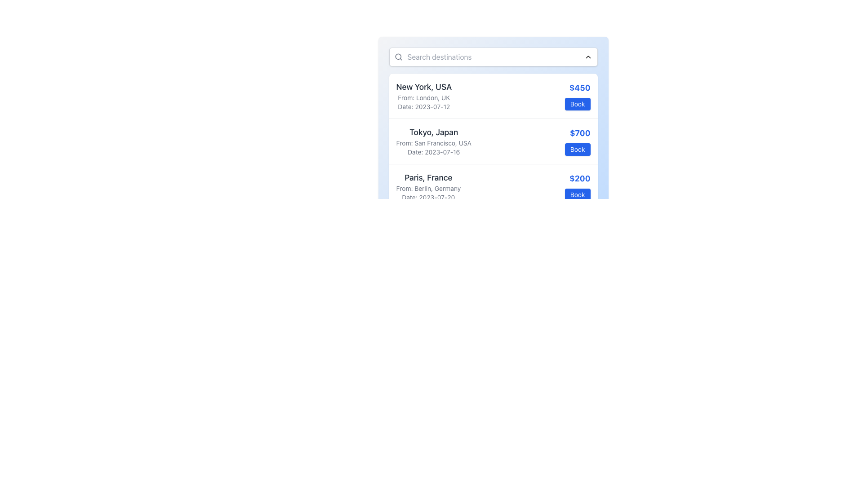 The height and width of the screenshot is (485, 863). I want to click on the text displaying the monetary value '$700', which is located in the second row of the travel destinations list, to the right of the 'Book' button, so click(578, 133).